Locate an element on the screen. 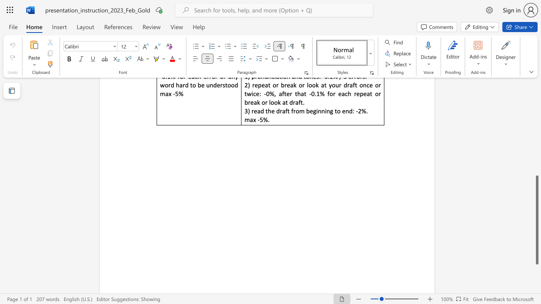  the scrollbar to scroll upward is located at coordinates (536, 89).